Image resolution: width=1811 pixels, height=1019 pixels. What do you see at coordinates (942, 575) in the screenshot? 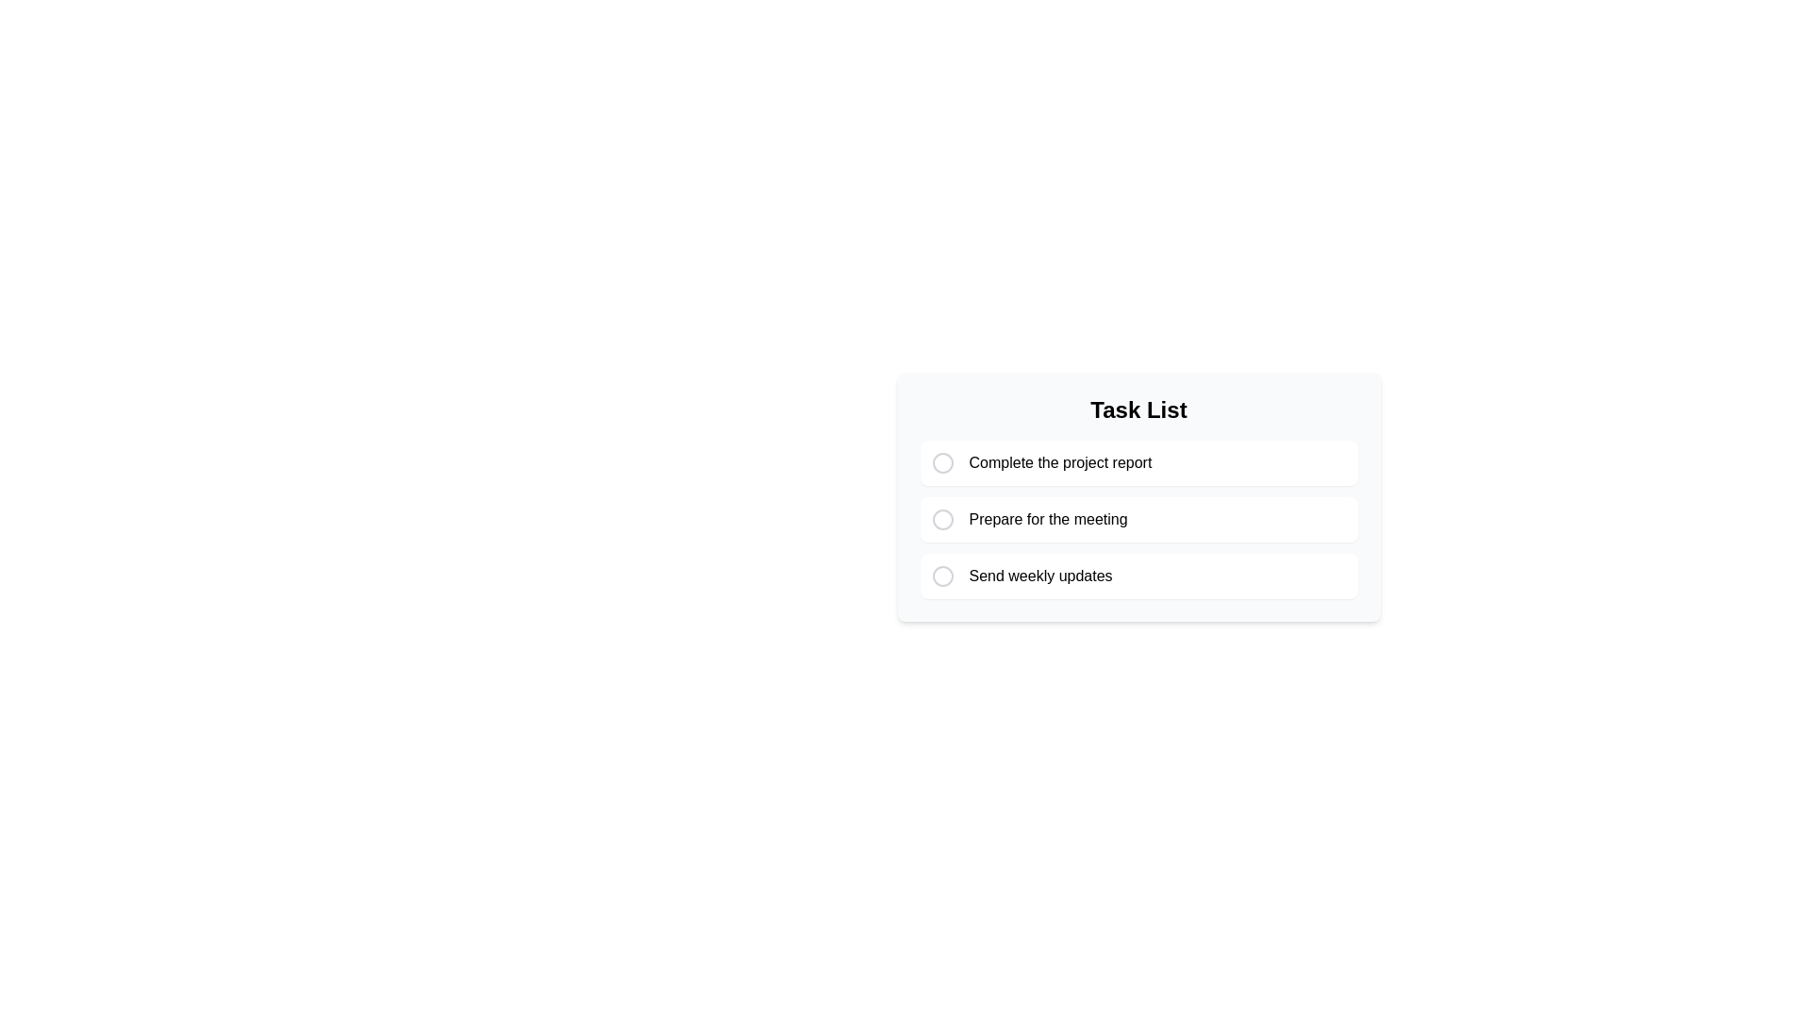
I see `the SVG circle representing the checkbox for the task item labeled 'Send weekly updates'` at bounding box center [942, 575].